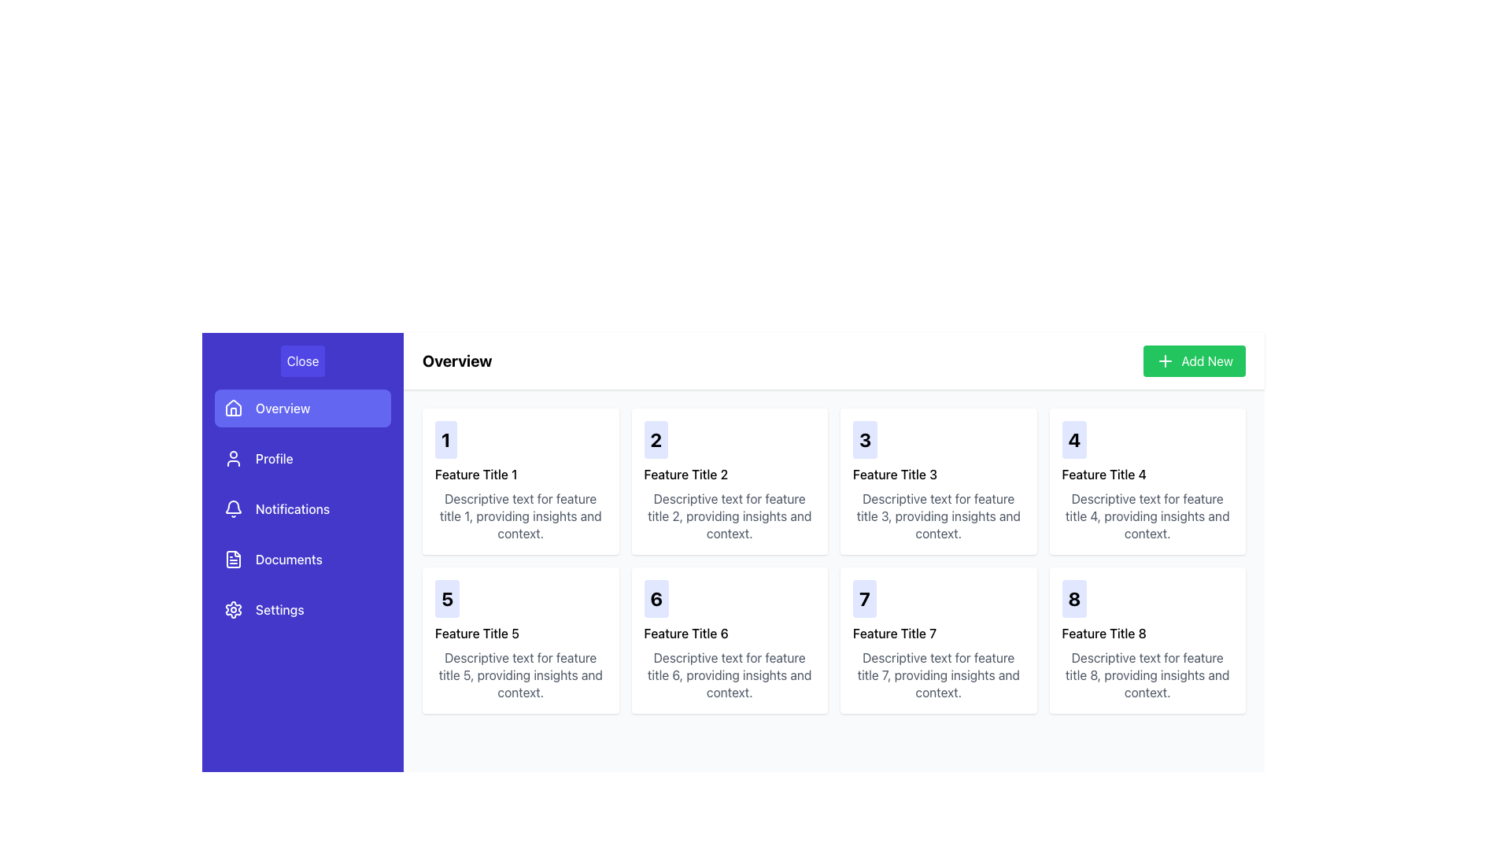  What do you see at coordinates (938, 674) in the screenshot?
I see `descriptive text located directly below the heading 'Feature Title 7' in the card layout for the seventh feature` at bounding box center [938, 674].